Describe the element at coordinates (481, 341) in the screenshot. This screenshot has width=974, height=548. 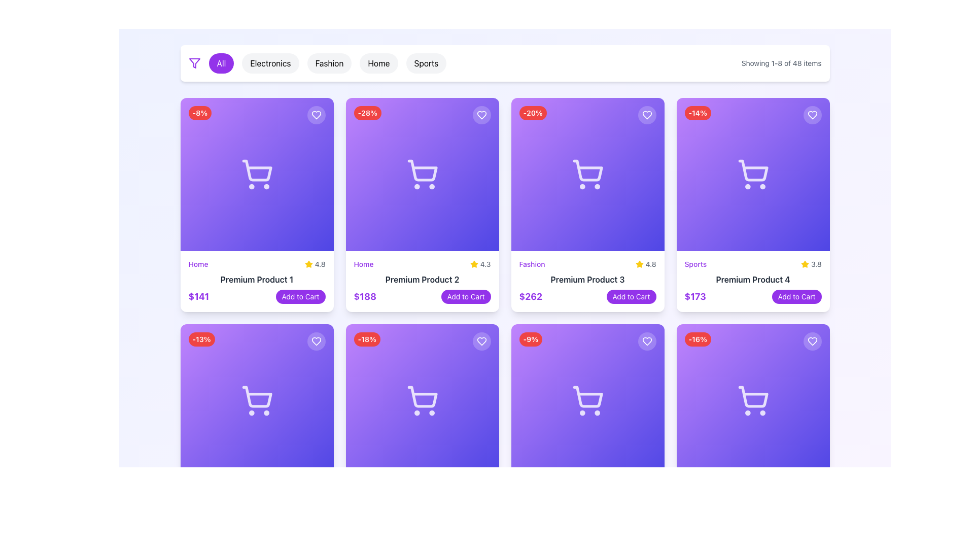
I see `the heart-shaped icon button located in the top-right corner of the second product card` at that location.